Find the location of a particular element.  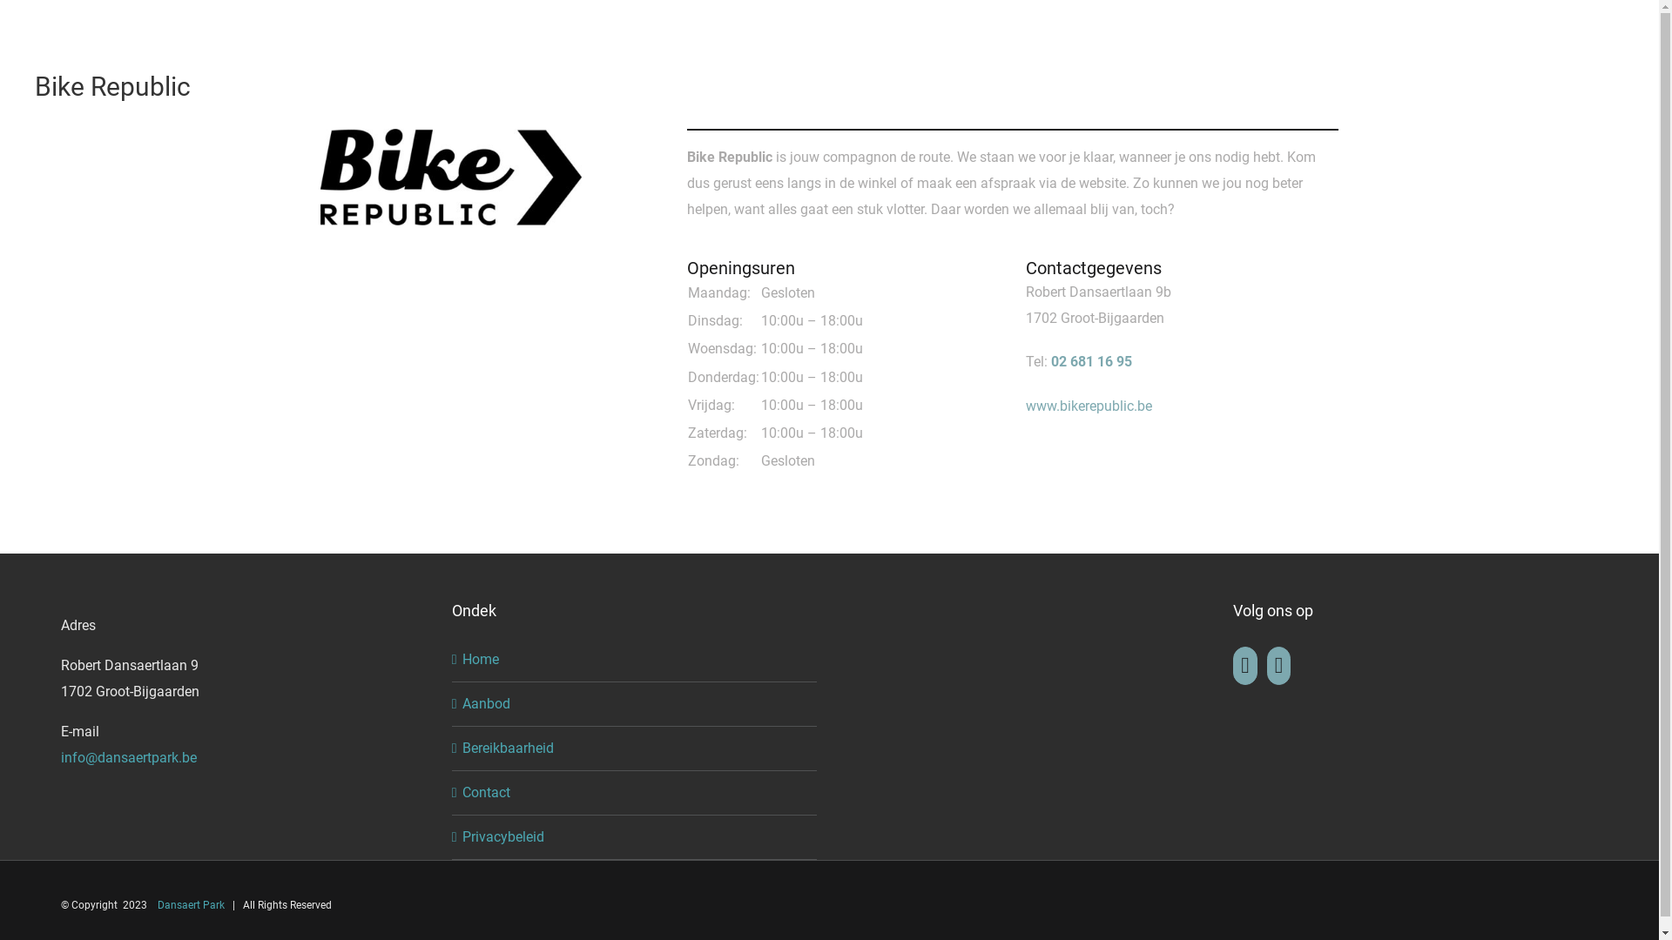

'Dansaert Park' is located at coordinates (191, 904).